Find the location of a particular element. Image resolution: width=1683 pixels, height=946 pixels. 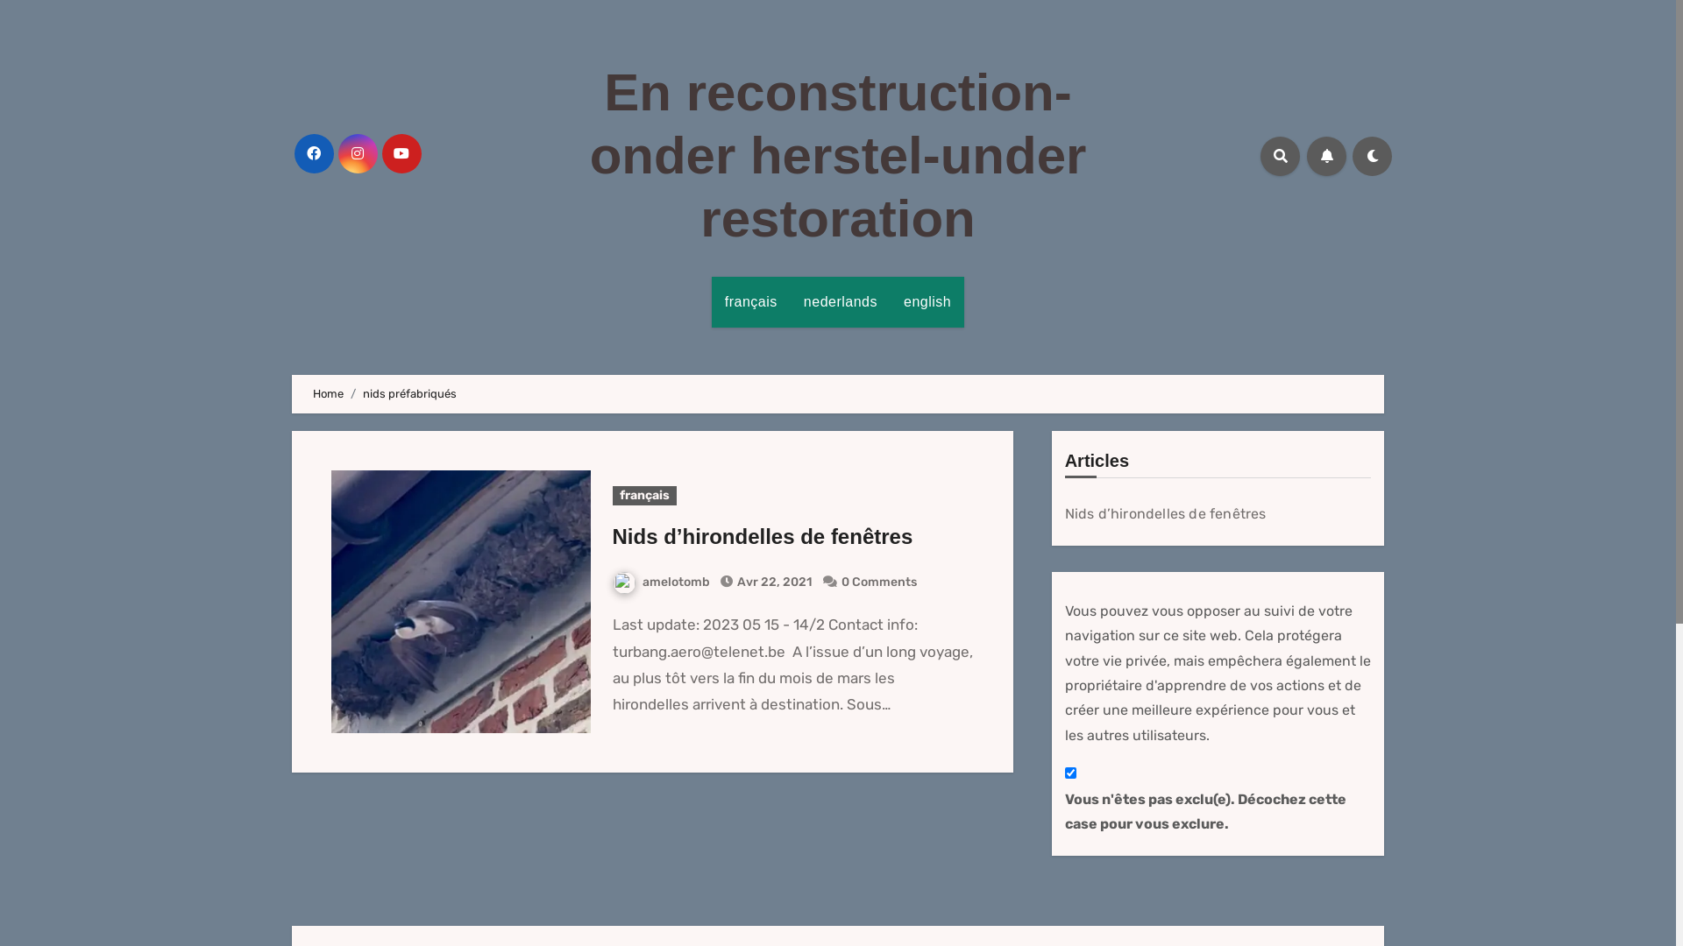

'Home' is located at coordinates (312, 392).